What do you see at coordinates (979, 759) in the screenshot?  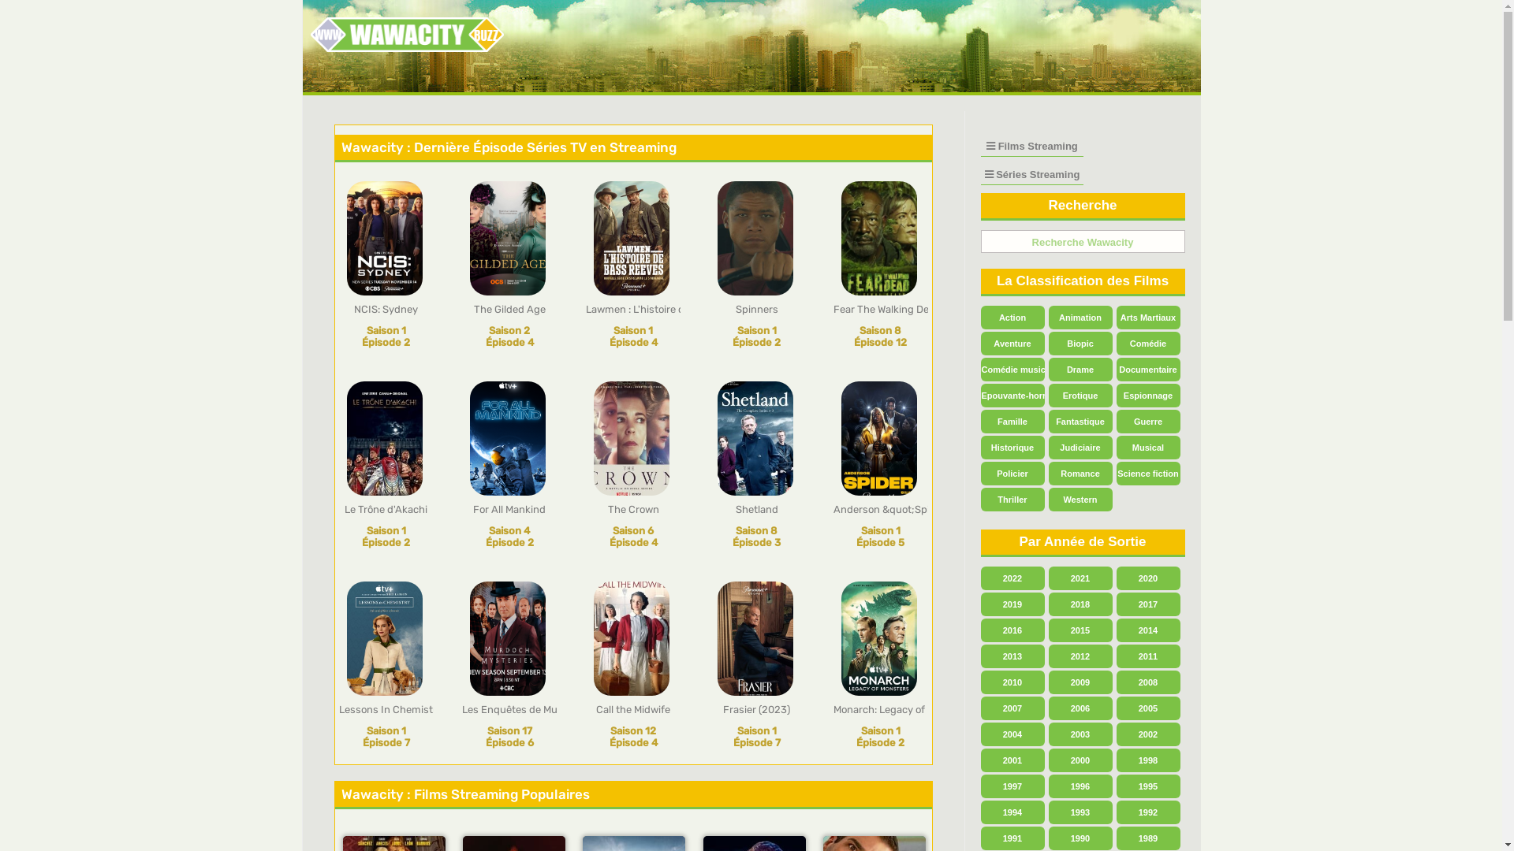 I see `'2001'` at bounding box center [979, 759].